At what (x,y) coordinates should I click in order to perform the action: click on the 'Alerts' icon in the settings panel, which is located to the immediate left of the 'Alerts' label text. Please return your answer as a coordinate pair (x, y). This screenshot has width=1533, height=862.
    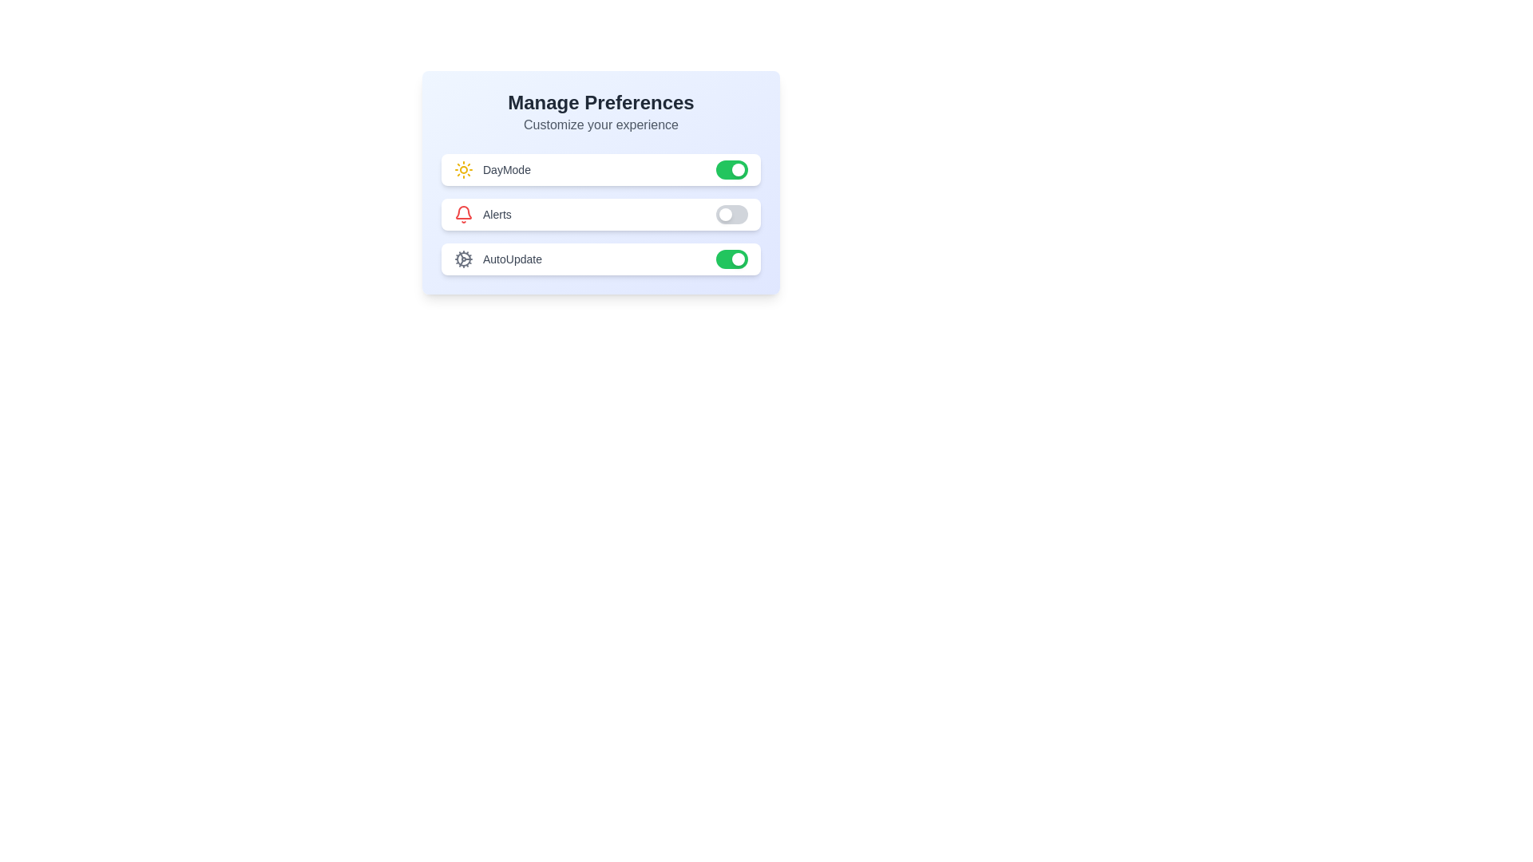
    Looking at the image, I should click on (462, 214).